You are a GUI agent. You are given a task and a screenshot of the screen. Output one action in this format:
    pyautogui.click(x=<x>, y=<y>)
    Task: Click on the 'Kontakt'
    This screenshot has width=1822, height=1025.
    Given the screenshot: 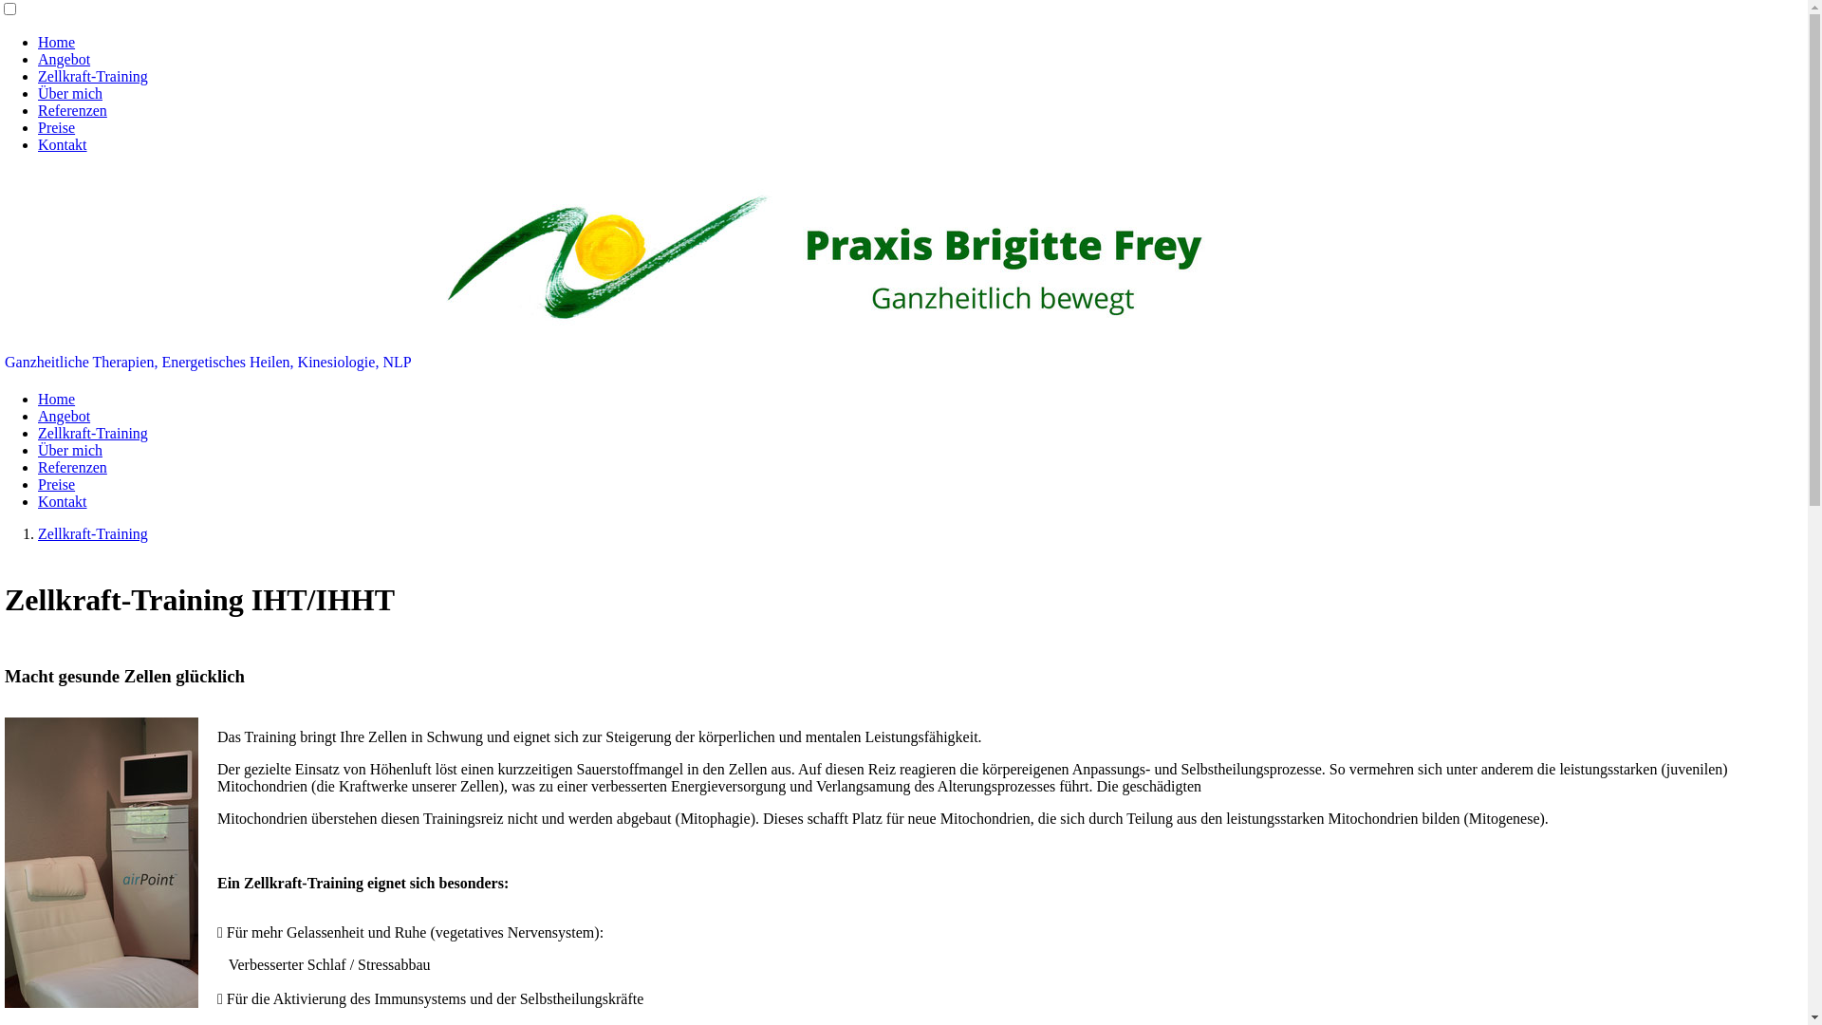 What is the action you would take?
    pyautogui.click(x=63, y=143)
    